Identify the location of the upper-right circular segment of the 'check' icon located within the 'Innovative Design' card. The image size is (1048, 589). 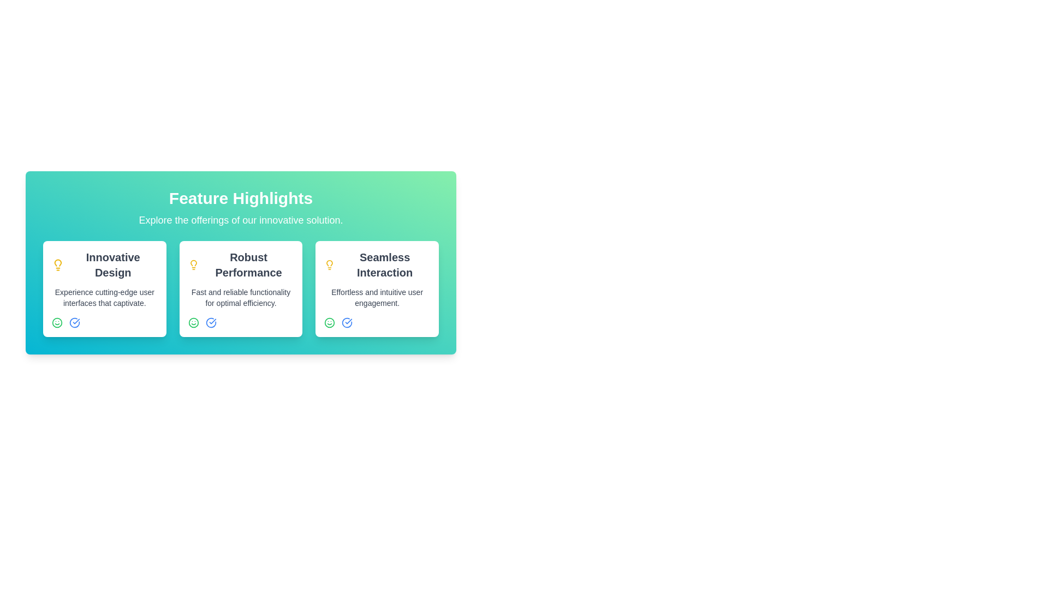
(74, 322).